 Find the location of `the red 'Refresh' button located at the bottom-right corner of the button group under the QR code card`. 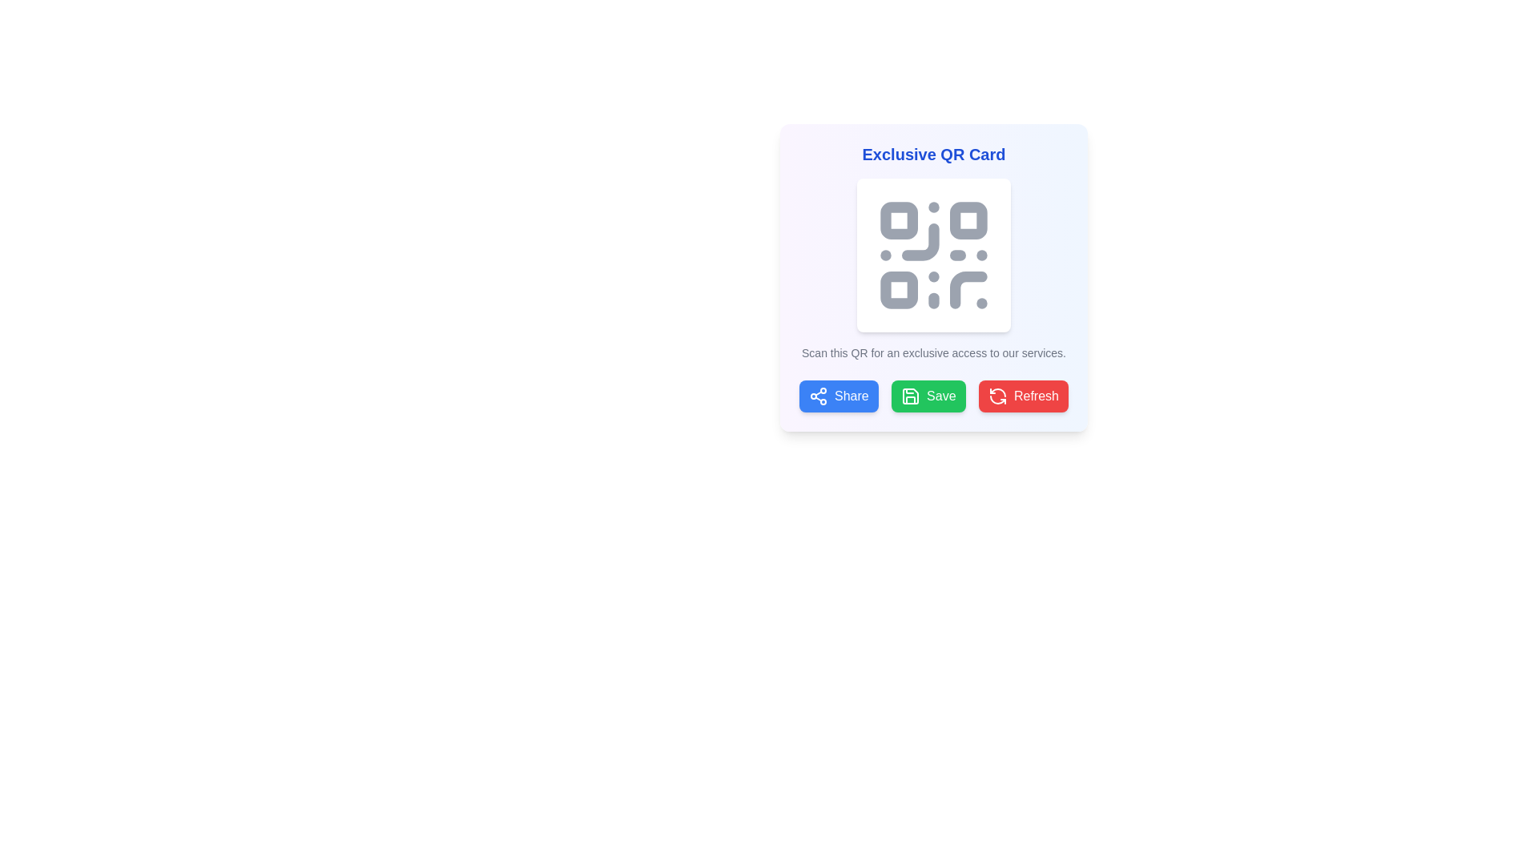

the red 'Refresh' button located at the bottom-right corner of the button group under the QR code card is located at coordinates (1036, 396).